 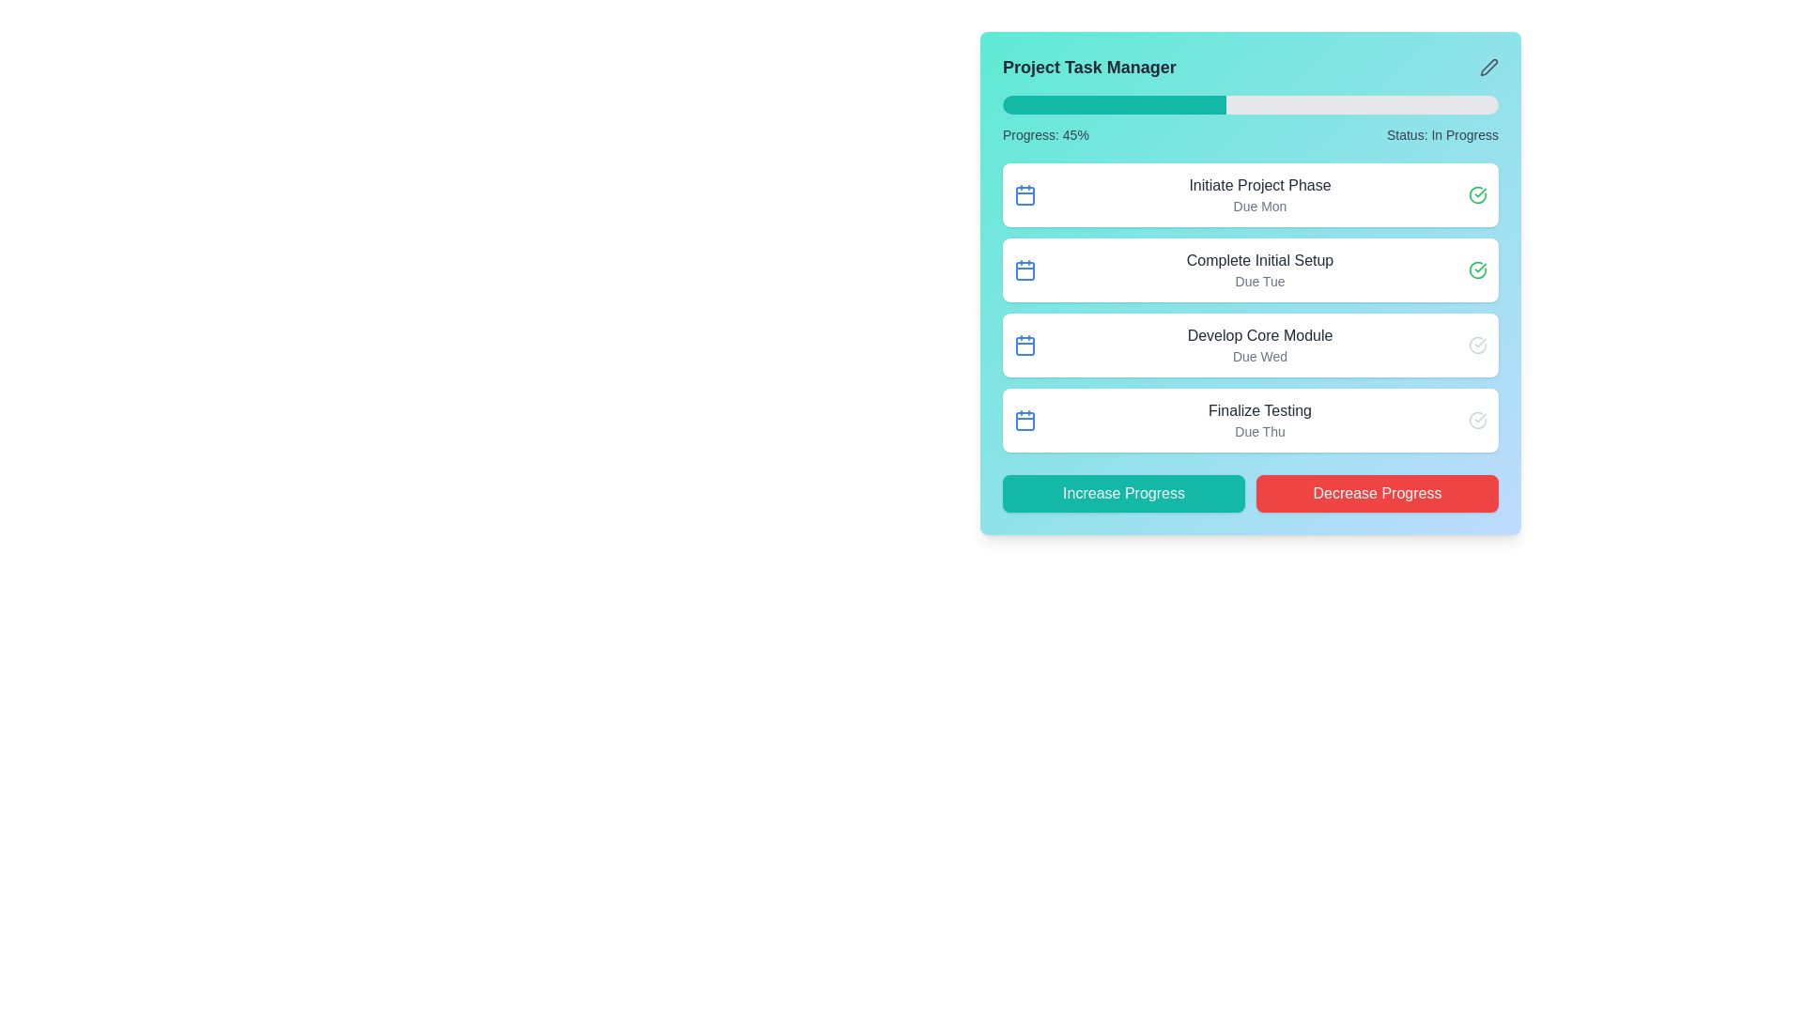 What do you see at coordinates (1123, 492) in the screenshot?
I see `the first button located at the bottom-left corner of the 'Project Task Manager' interface` at bounding box center [1123, 492].